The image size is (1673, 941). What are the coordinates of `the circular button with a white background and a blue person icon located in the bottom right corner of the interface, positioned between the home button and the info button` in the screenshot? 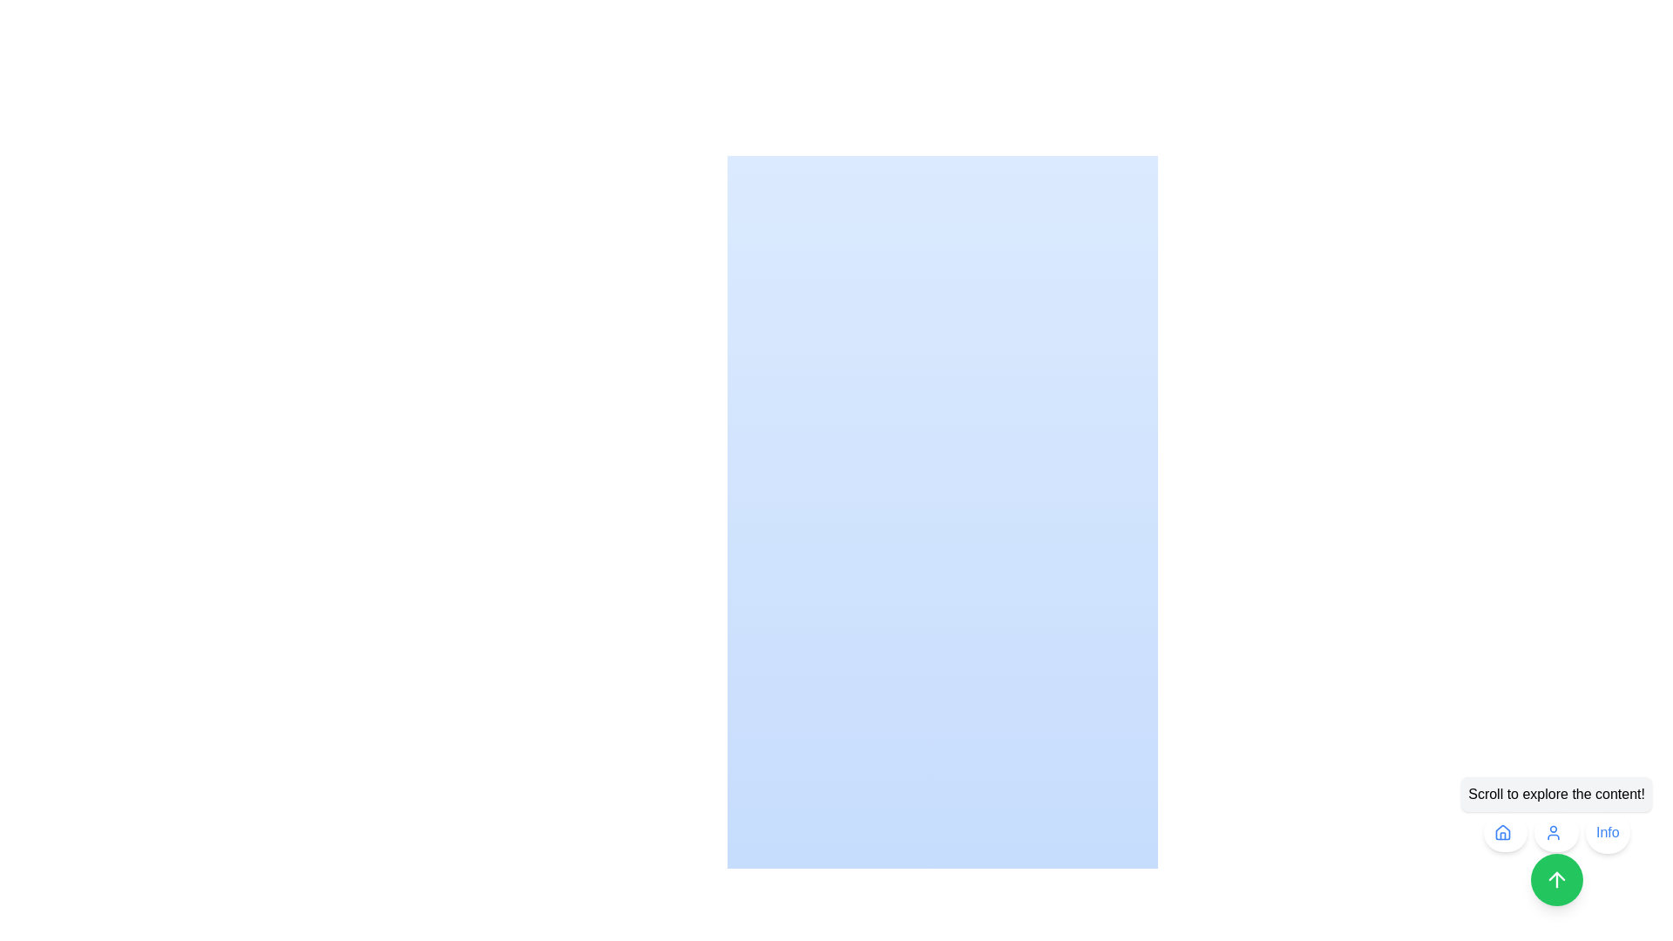 It's located at (1556, 832).